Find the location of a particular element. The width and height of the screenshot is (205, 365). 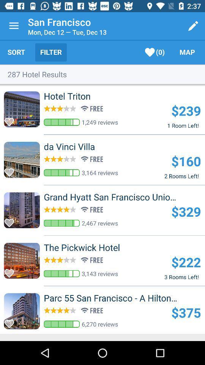

icon next to the the pickwick hotel item is located at coordinates (186, 262).